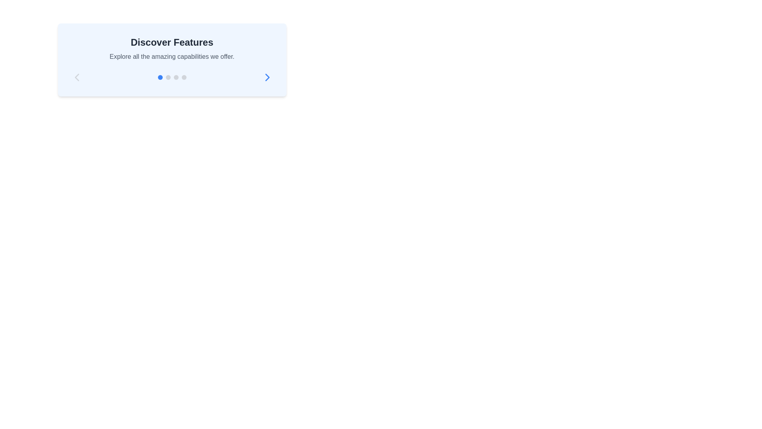 The height and width of the screenshot is (429, 762). What do you see at coordinates (77, 77) in the screenshot?
I see `the previous item navigation button in the 'Discover Features' card` at bounding box center [77, 77].